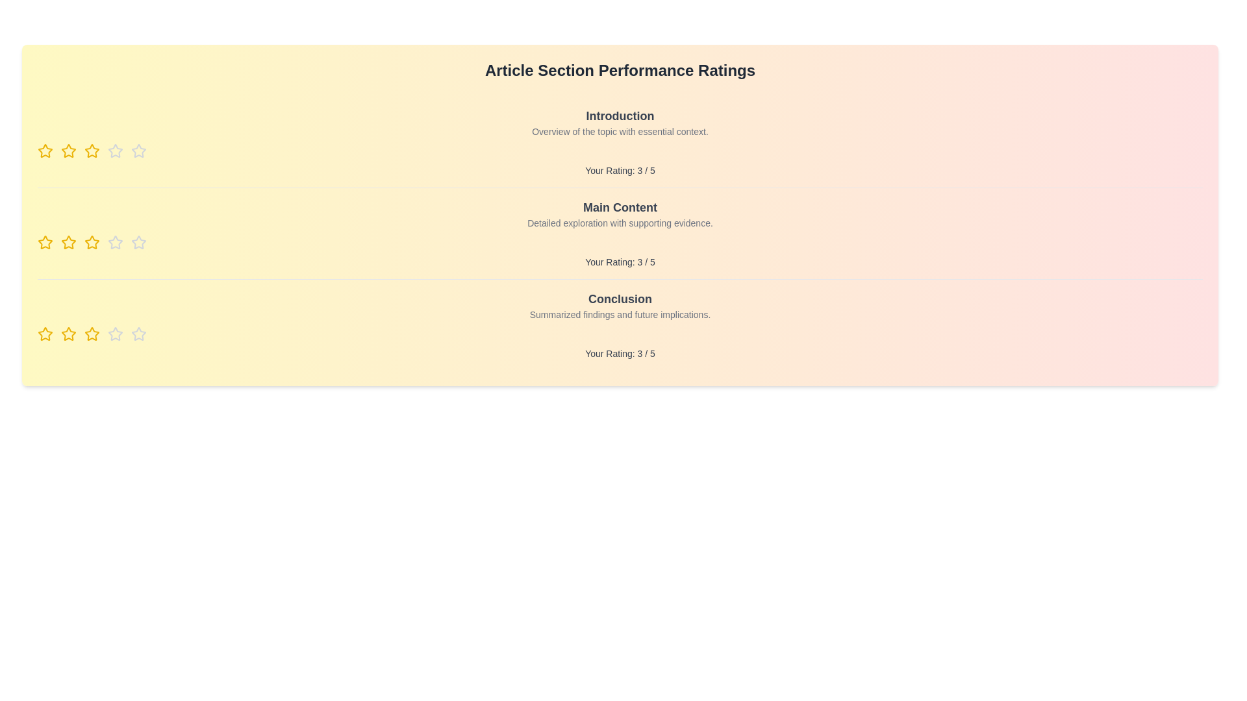 Image resolution: width=1247 pixels, height=701 pixels. What do you see at coordinates (115, 150) in the screenshot?
I see `the rating of a section to 4 stars by clicking on the corresponding star` at bounding box center [115, 150].